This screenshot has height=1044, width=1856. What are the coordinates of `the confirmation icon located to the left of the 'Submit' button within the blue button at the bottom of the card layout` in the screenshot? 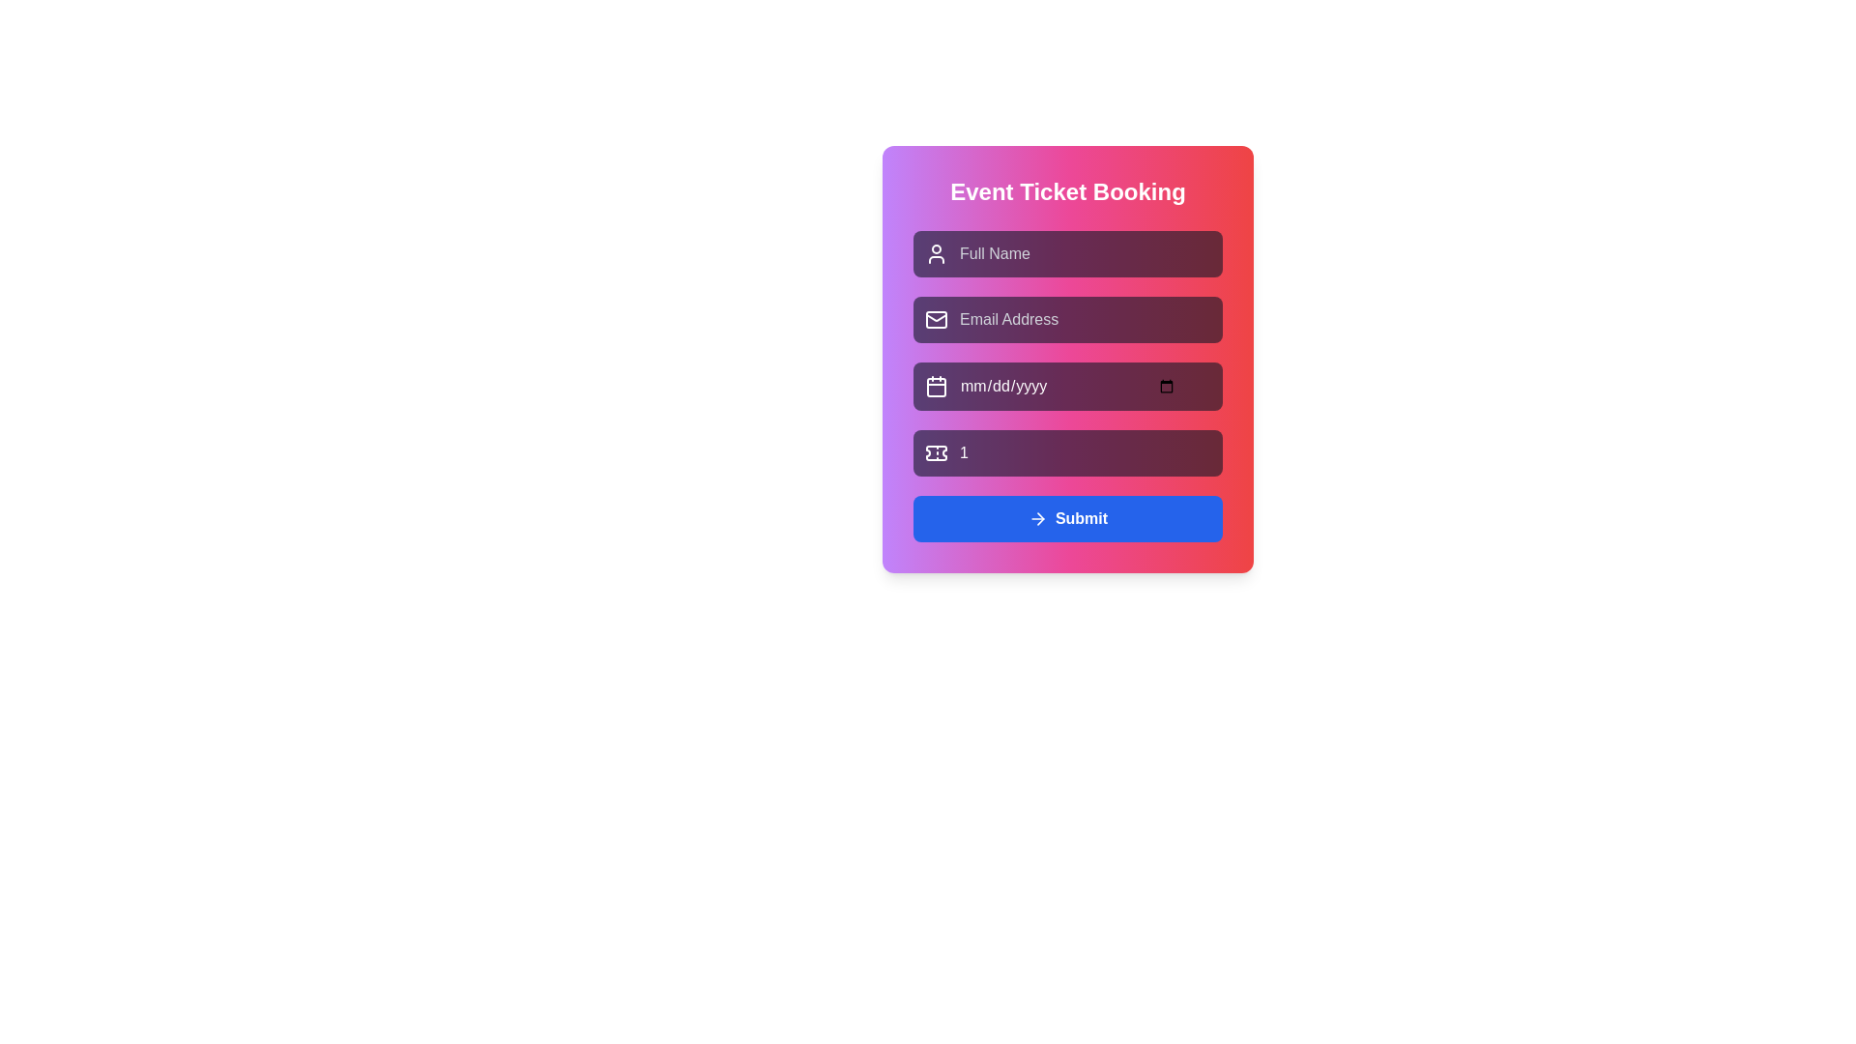 It's located at (1036, 517).